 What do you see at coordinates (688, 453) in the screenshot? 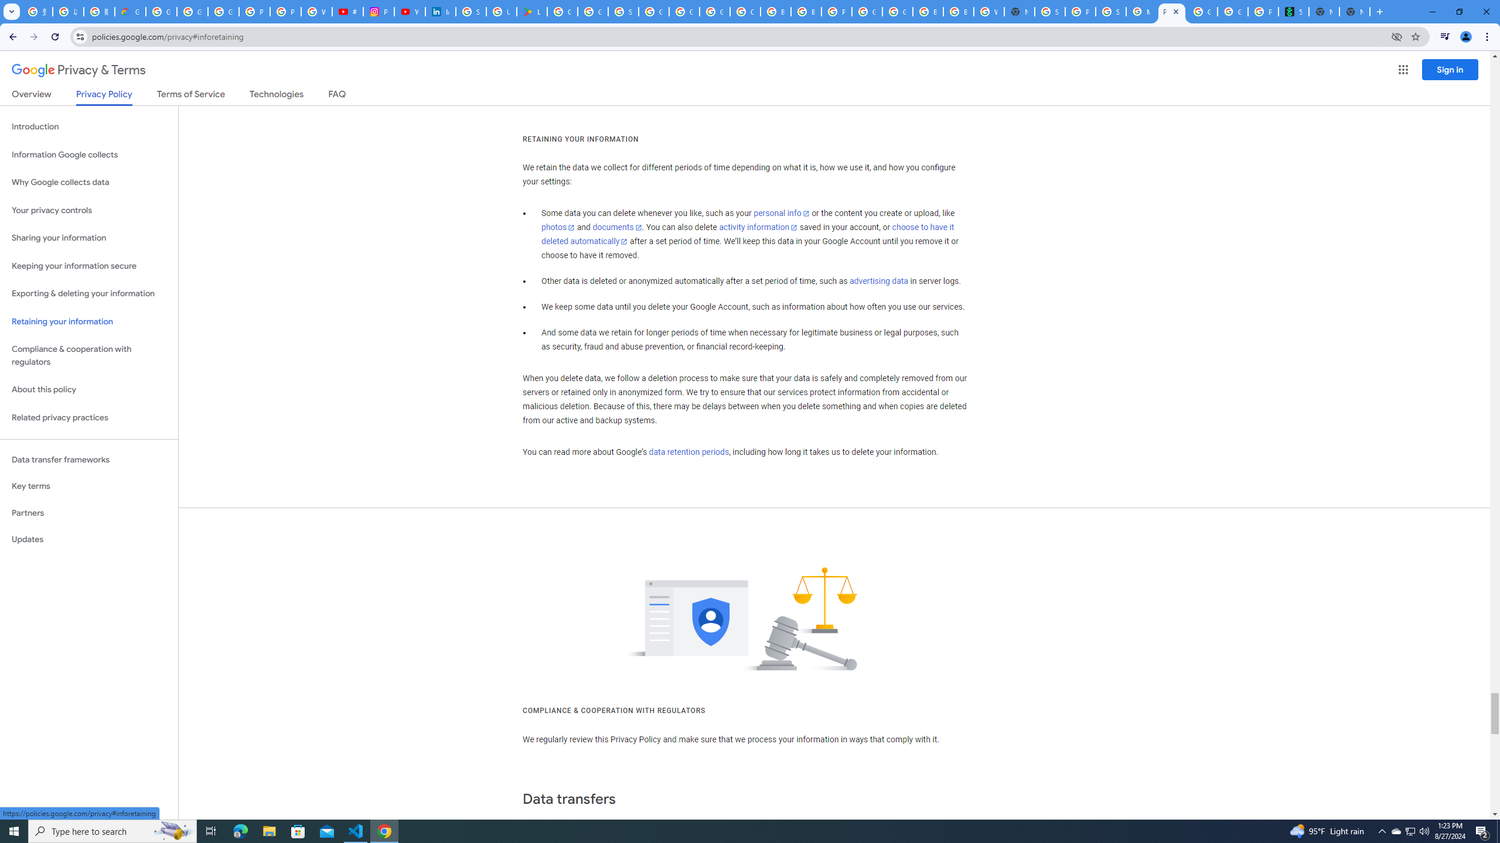
I see `'data retention periods'` at bounding box center [688, 453].